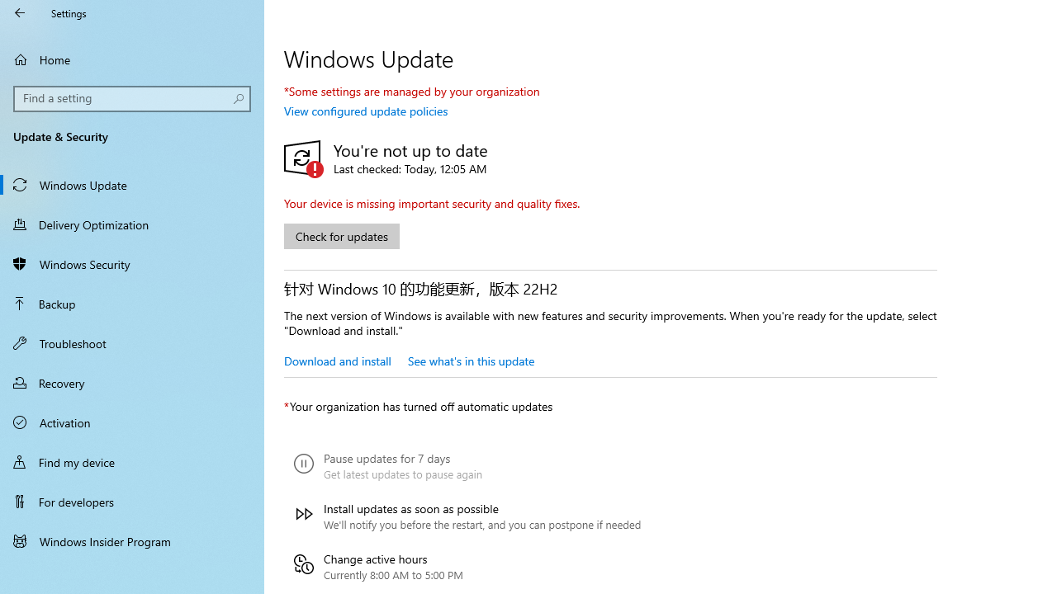 The height and width of the screenshot is (594, 1057). What do you see at coordinates (132, 59) in the screenshot?
I see `'Home'` at bounding box center [132, 59].